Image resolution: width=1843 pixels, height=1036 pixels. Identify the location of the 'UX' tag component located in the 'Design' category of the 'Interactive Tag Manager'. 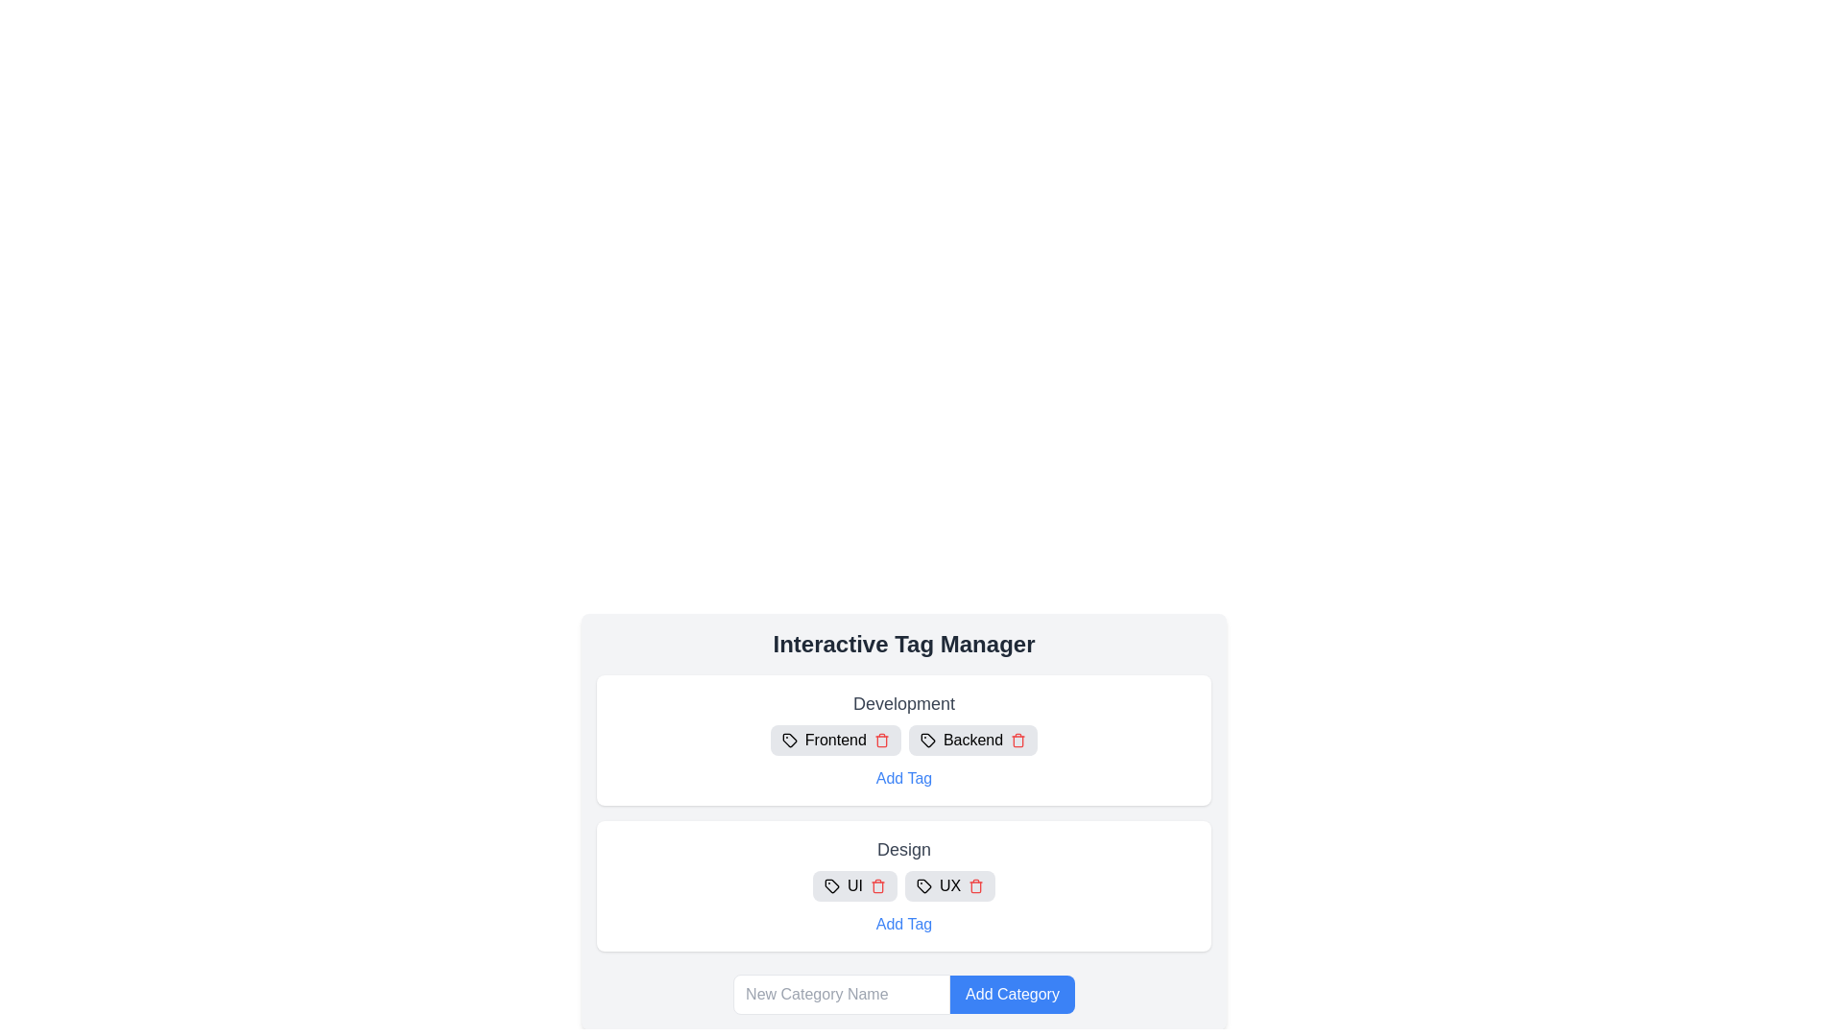
(949, 886).